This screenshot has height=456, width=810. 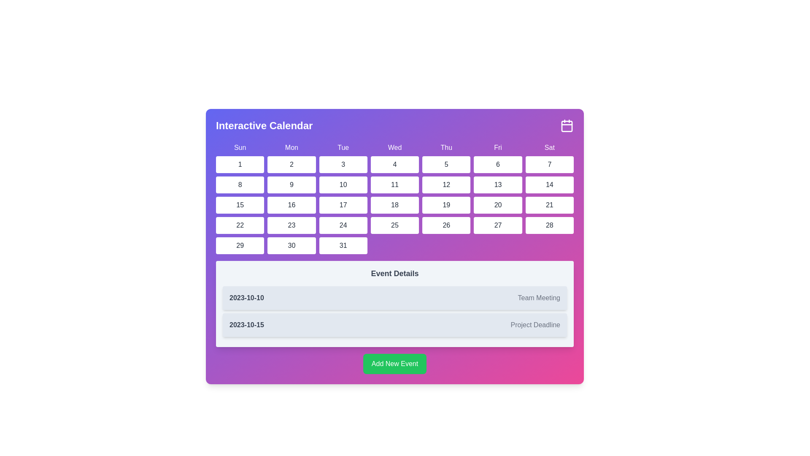 What do you see at coordinates (292, 185) in the screenshot?
I see `the button displaying the number '9' in the calendar grid, located under the 'Mon' column` at bounding box center [292, 185].